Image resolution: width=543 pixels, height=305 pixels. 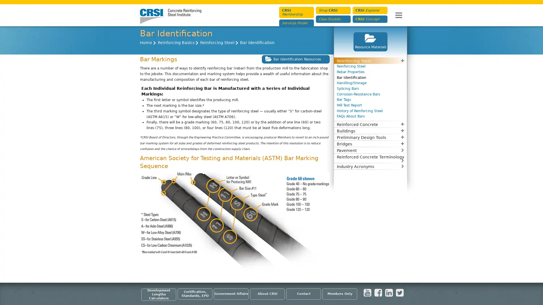 I want to click on Contact, so click(x=303, y=293).